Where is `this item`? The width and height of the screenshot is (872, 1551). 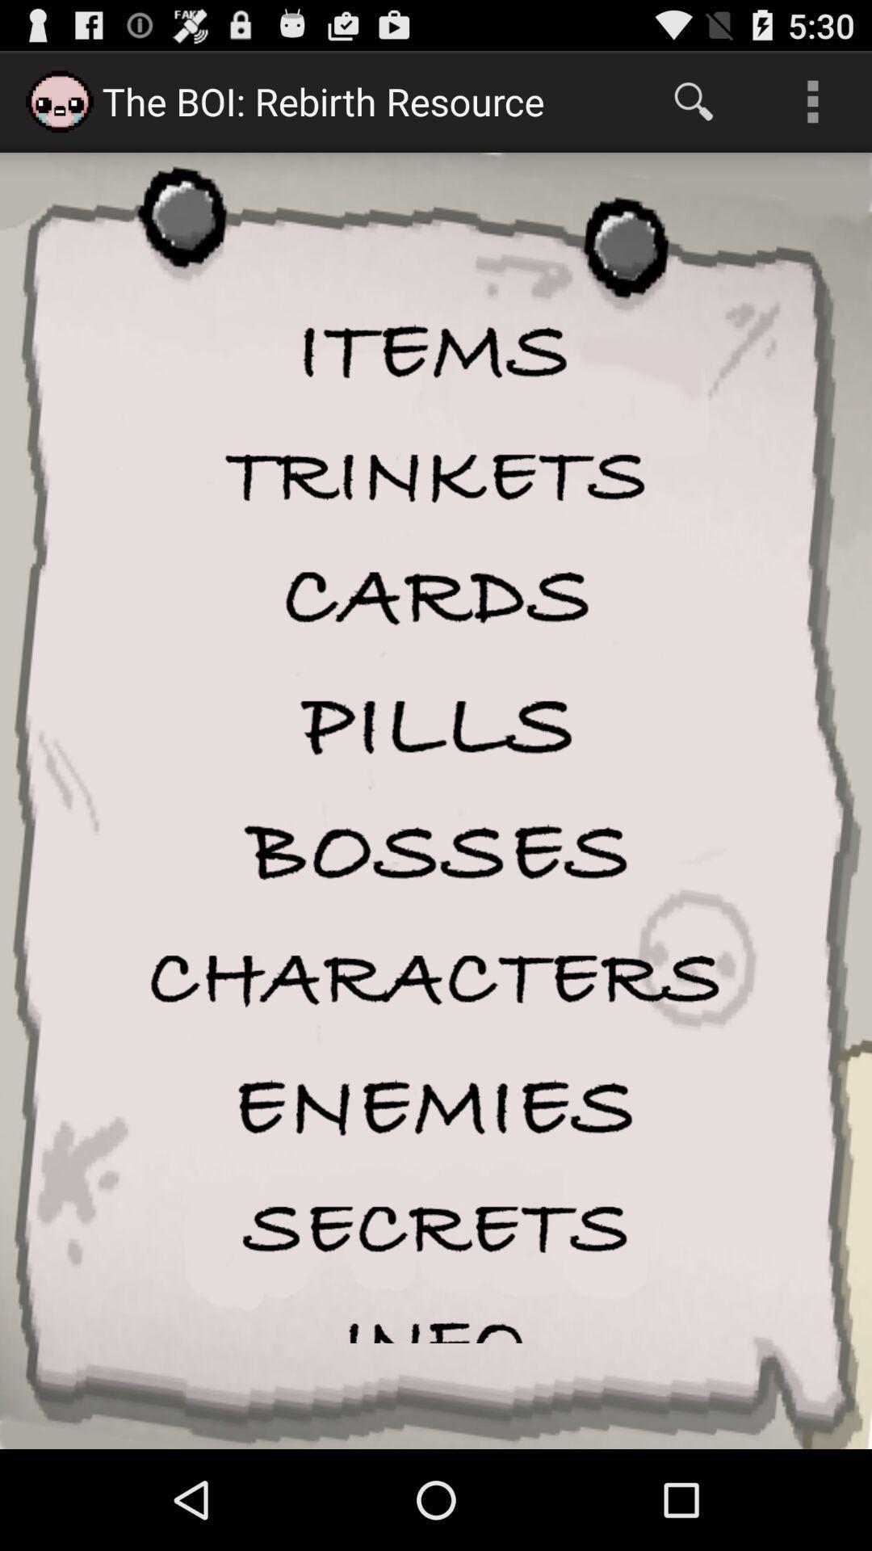 this item is located at coordinates (436, 1106).